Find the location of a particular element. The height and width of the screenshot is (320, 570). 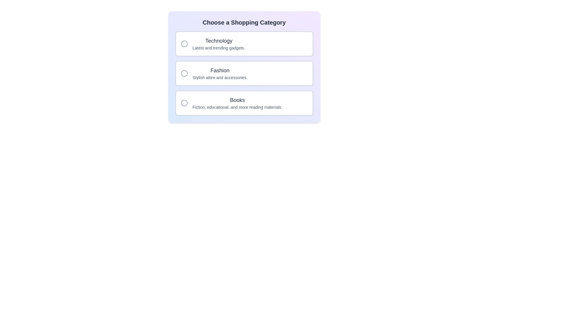

the 'Fashion' text label, which is styled in a bold and large font and located within the second option of the 'Choose a Shopping Category' section is located at coordinates (220, 70).